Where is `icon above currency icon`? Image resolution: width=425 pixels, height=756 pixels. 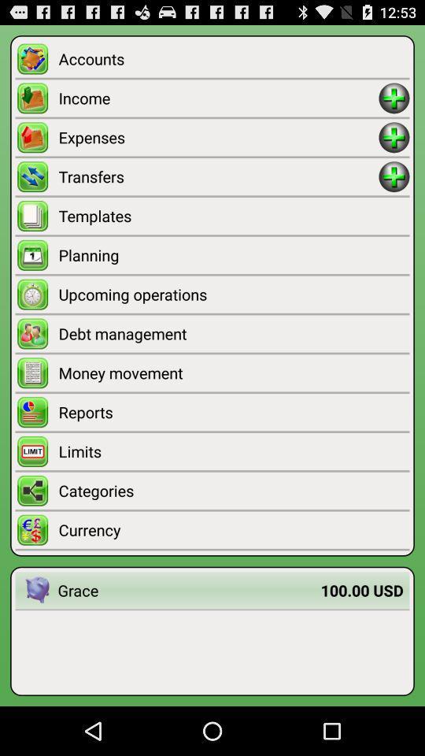
icon above currency icon is located at coordinates (233, 490).